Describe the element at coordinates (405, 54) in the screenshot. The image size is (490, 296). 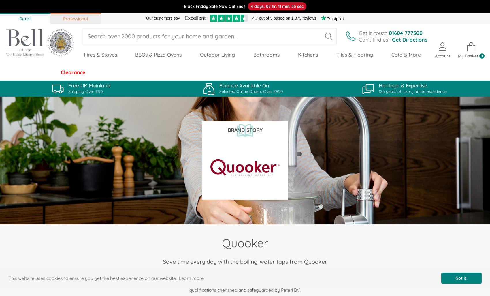
I see `'Café & More'` at that location.